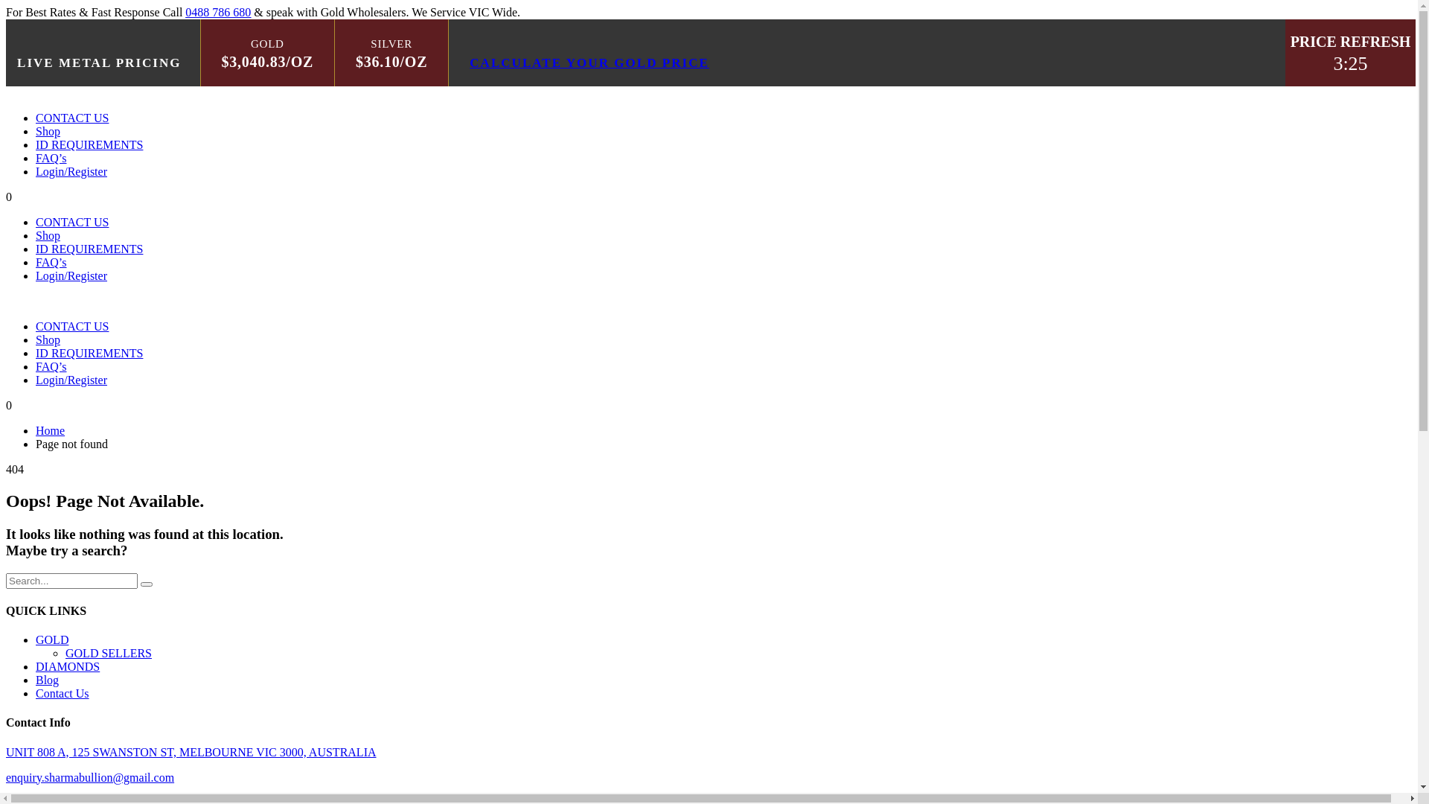 This screenshot has width=1429, height=804. Describe the element at coordinates (89, 144) in the screenshot. I see `'ID REQUIREMENTS'` at that location.